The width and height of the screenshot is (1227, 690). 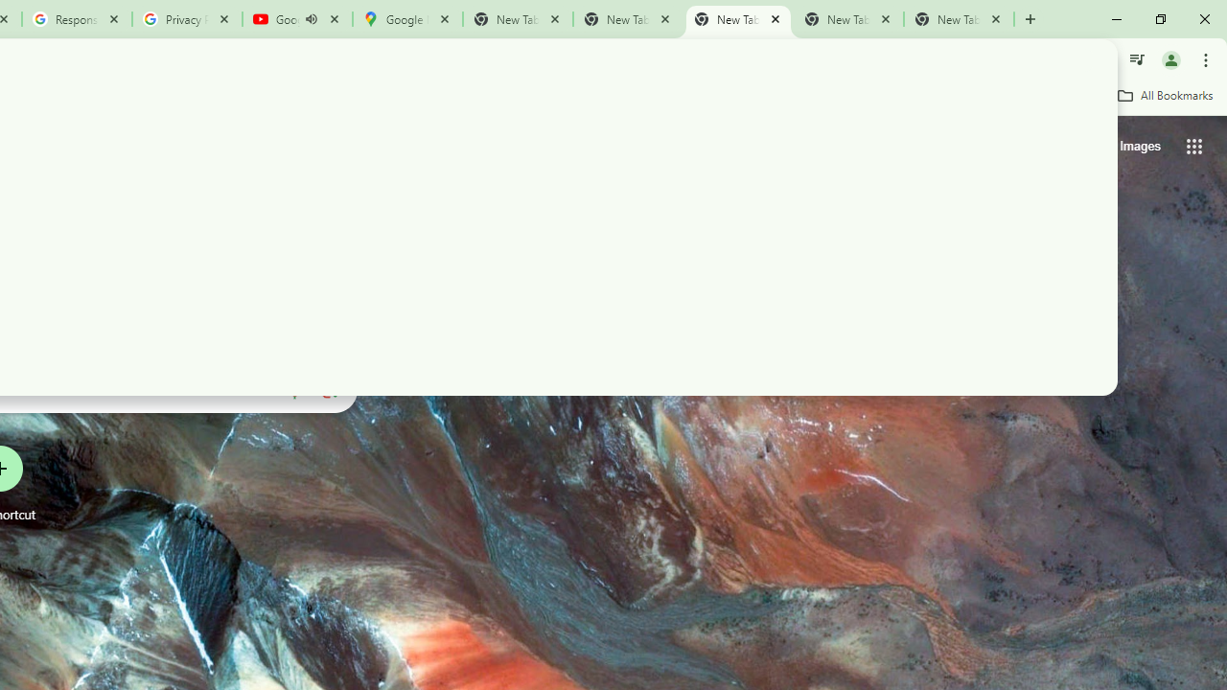 What do you see at coordinates (405, 19) in the screenshot?
I see `'Google Maps'` at bounding box center [405, 19].